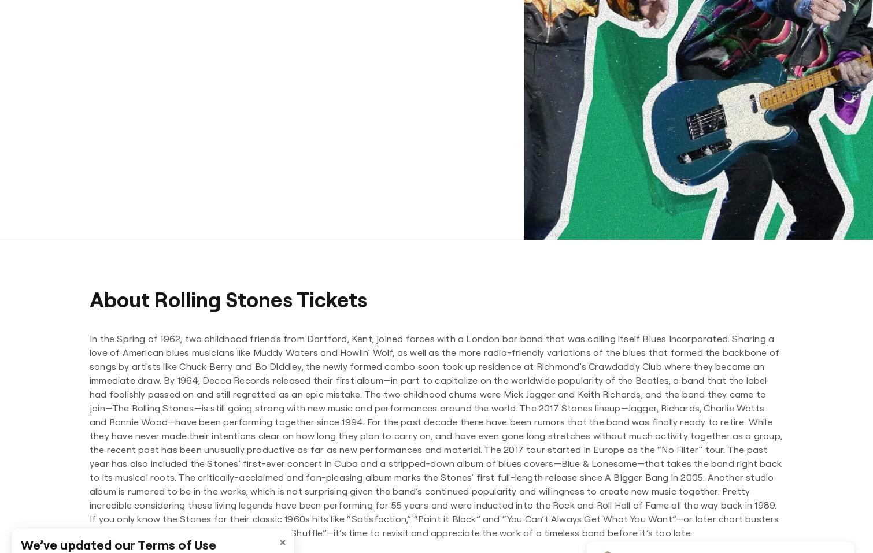 This screenshot has width=873, height=553. Describe the element at coordinates (436, 195) in the screenshot. I see `'Washington Nationals'` at that location.